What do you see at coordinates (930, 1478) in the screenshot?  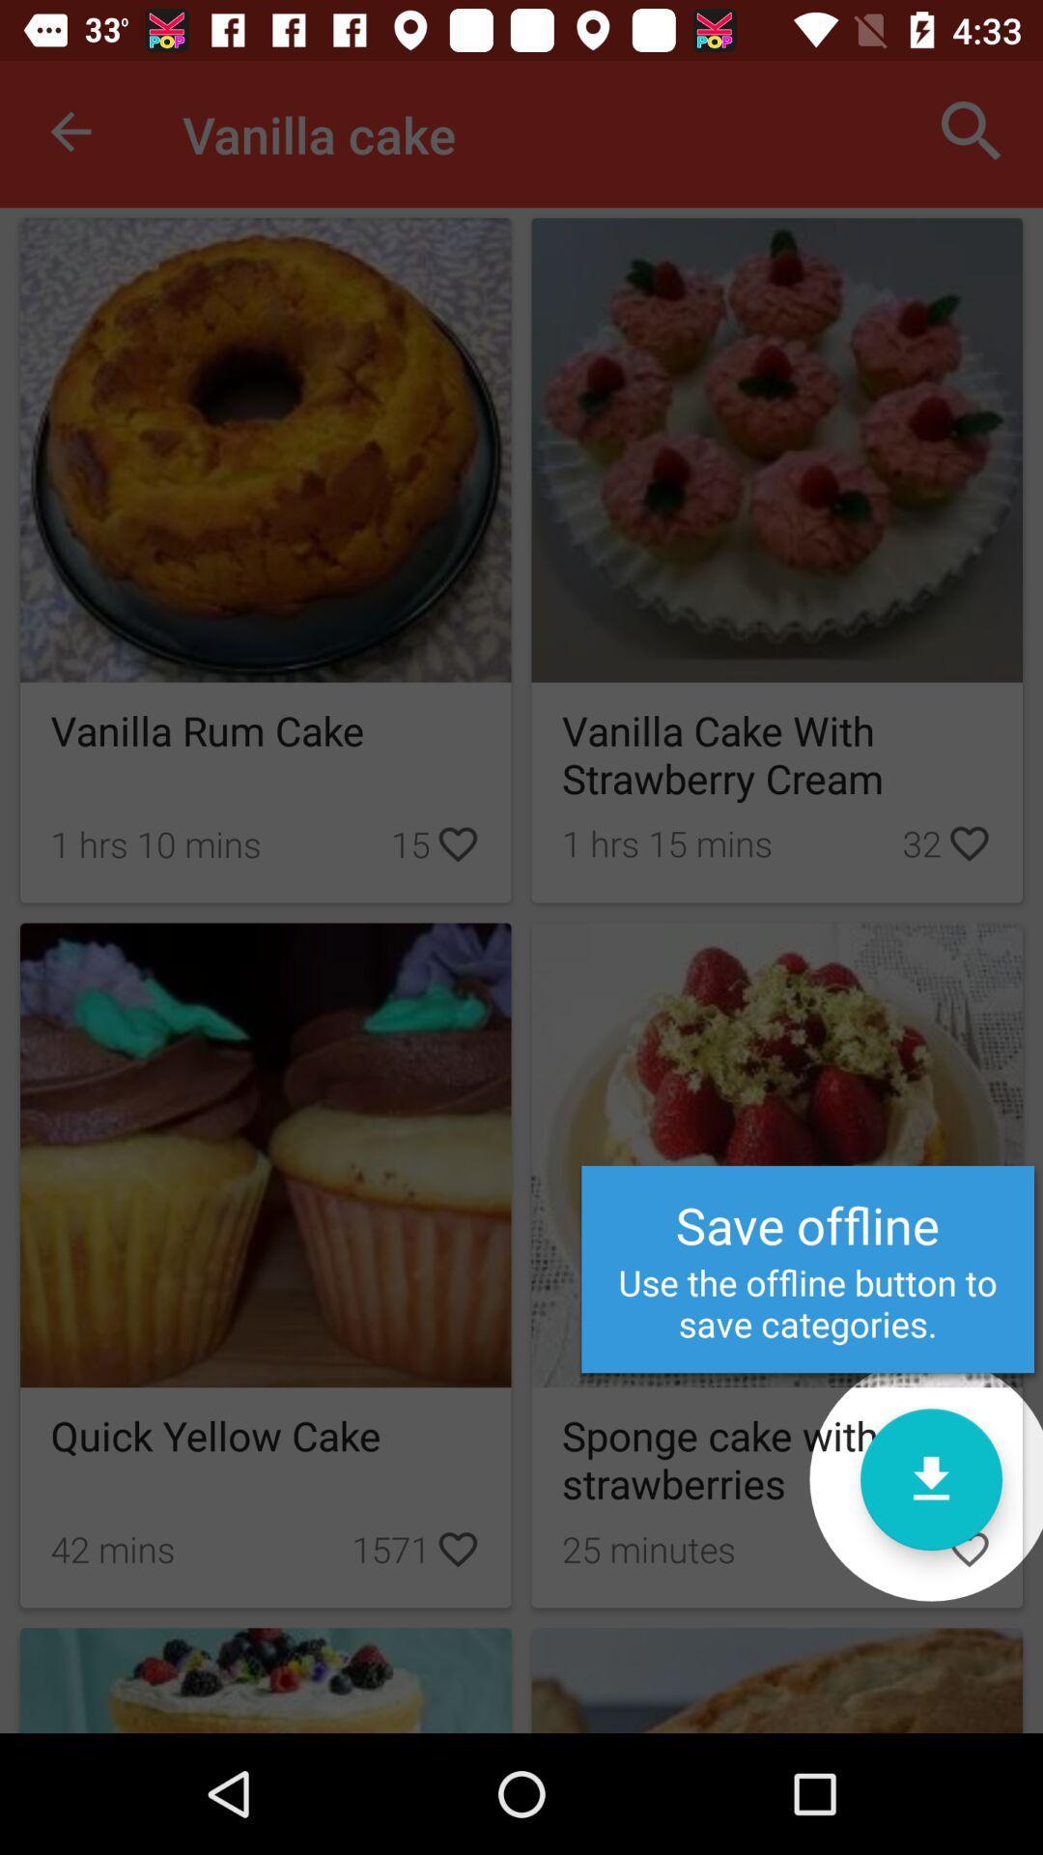 I see `the item to the right of the quick yellow cake` at bounding box center [930, 1478].